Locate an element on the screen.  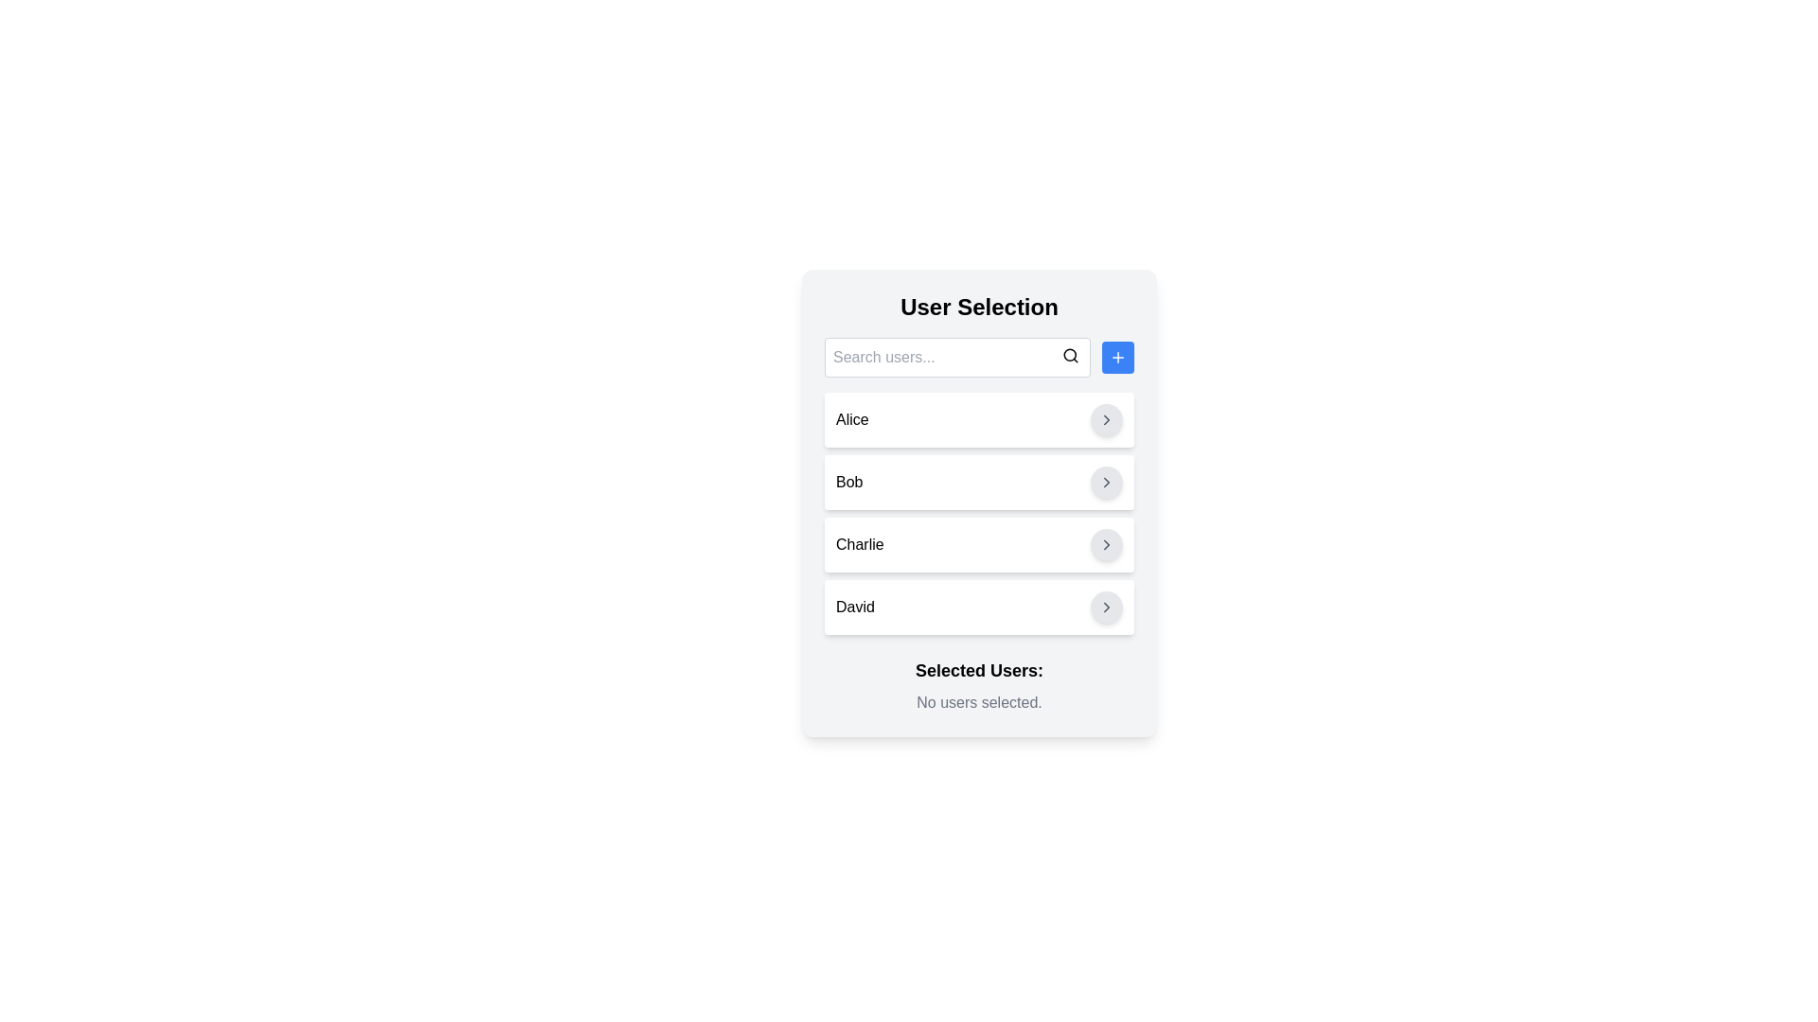
the right-pointing chevron icon associated with the entry 'Alice' is located at coordinates (1107, 418).